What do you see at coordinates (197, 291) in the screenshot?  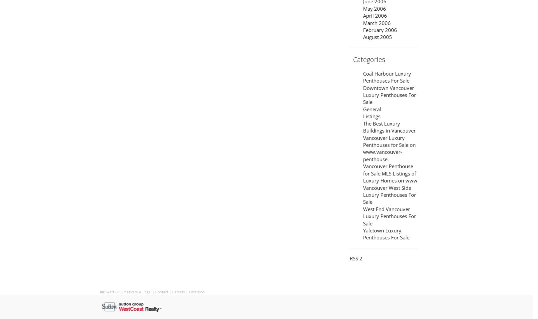 I see `'Locations'` at bounding box center [197, 291].